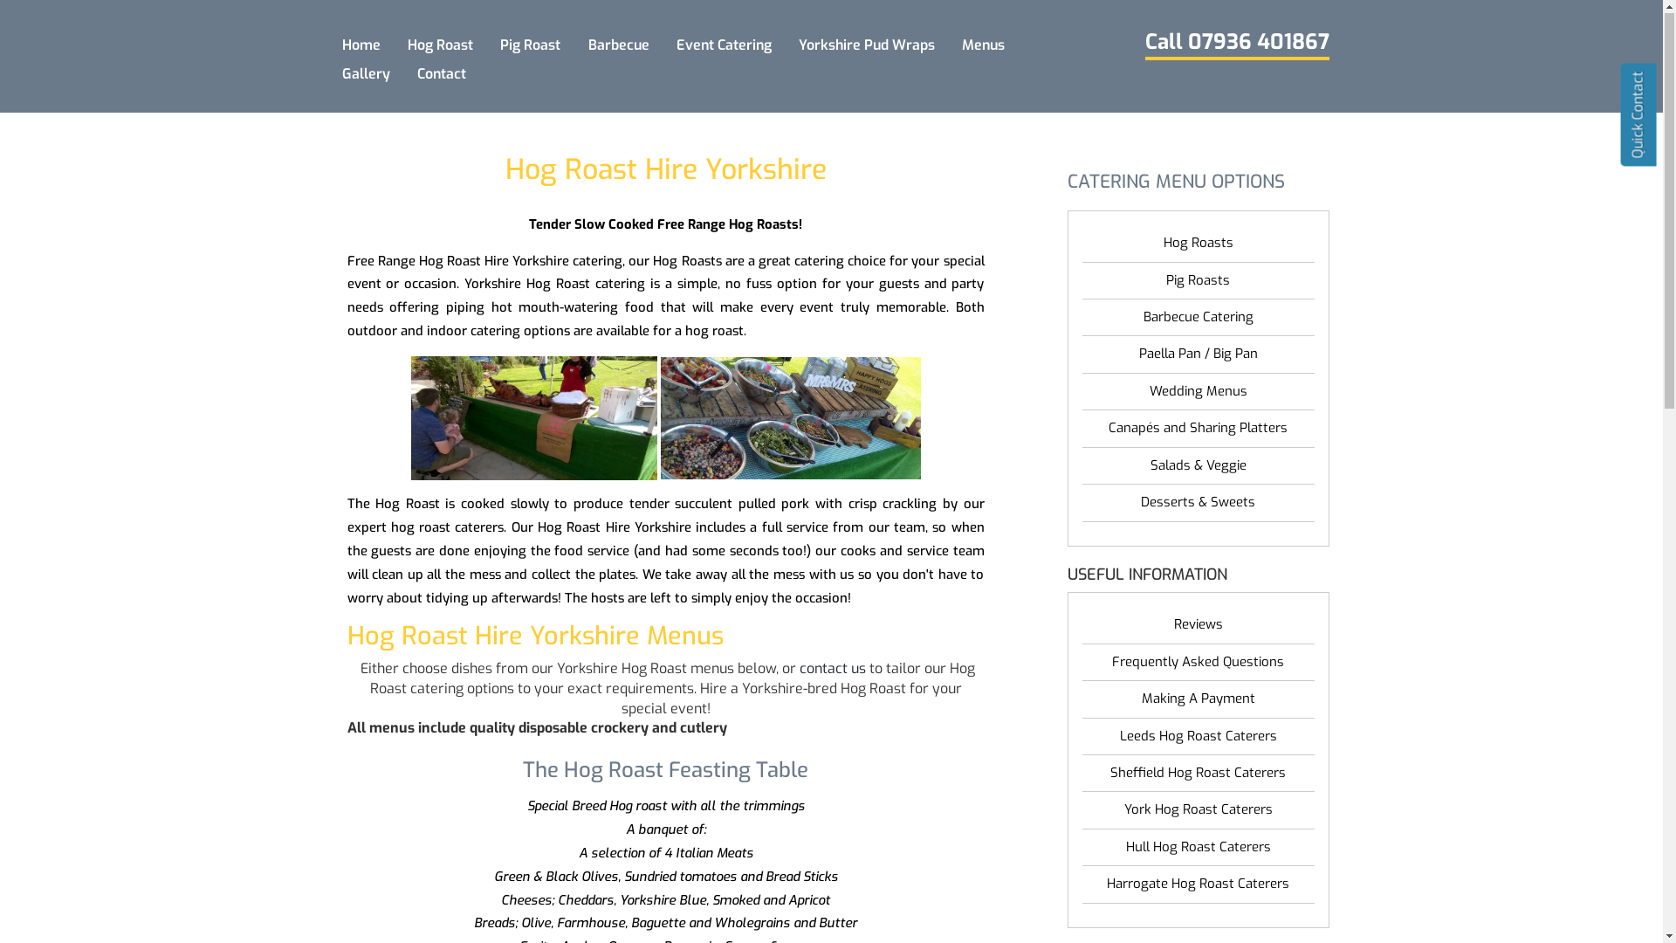  What do you see at coordinates (618, 45) in the screenshot?
I see `'Barbecue'` at bounding box center [618, 45].